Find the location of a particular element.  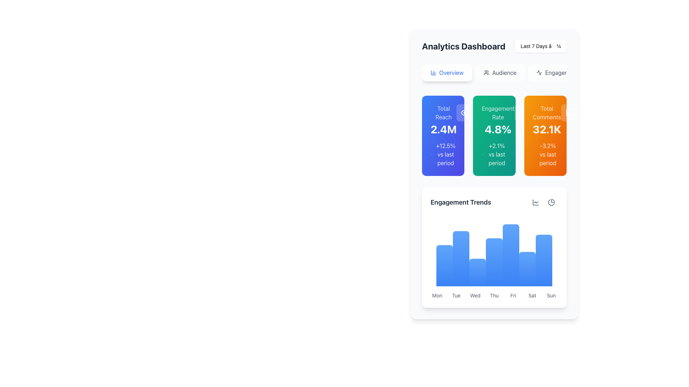

the 'Audience' button, which is the second button in the top navigation bar styled with a rounded rectangular shape and contains a gray user icon followed by the text 'Audience' is located at coordinates (500, 73).